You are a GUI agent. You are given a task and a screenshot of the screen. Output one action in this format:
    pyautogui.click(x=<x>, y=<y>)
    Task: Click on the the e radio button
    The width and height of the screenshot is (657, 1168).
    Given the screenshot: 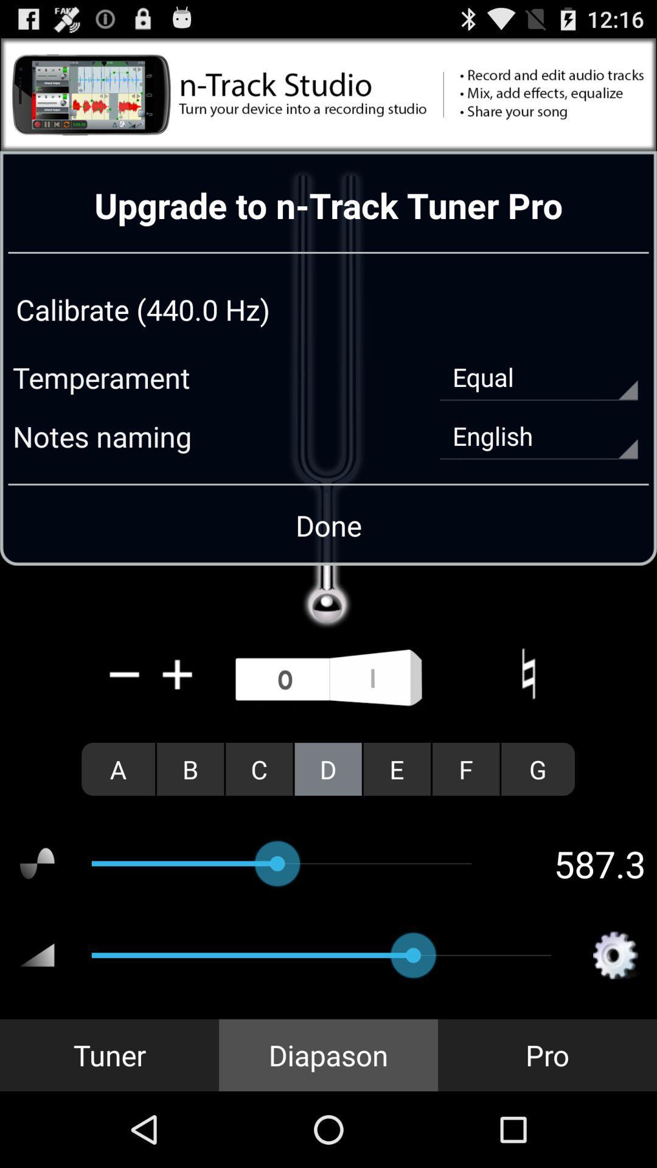 What is the action you would take?
    pyautogui.click(x=397, y=768)
    